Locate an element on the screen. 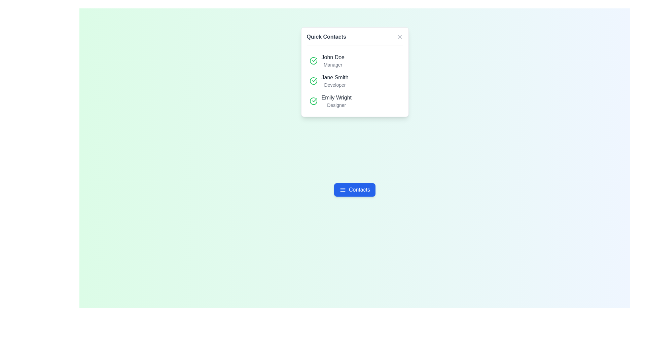 This screenshot has height=363, width=646. the circular green outlined icon with a checkmark, indicating a completed status, located to the left of the 'Jane Smith Developer' label in the contacts list is located at coordinates (313, 80).